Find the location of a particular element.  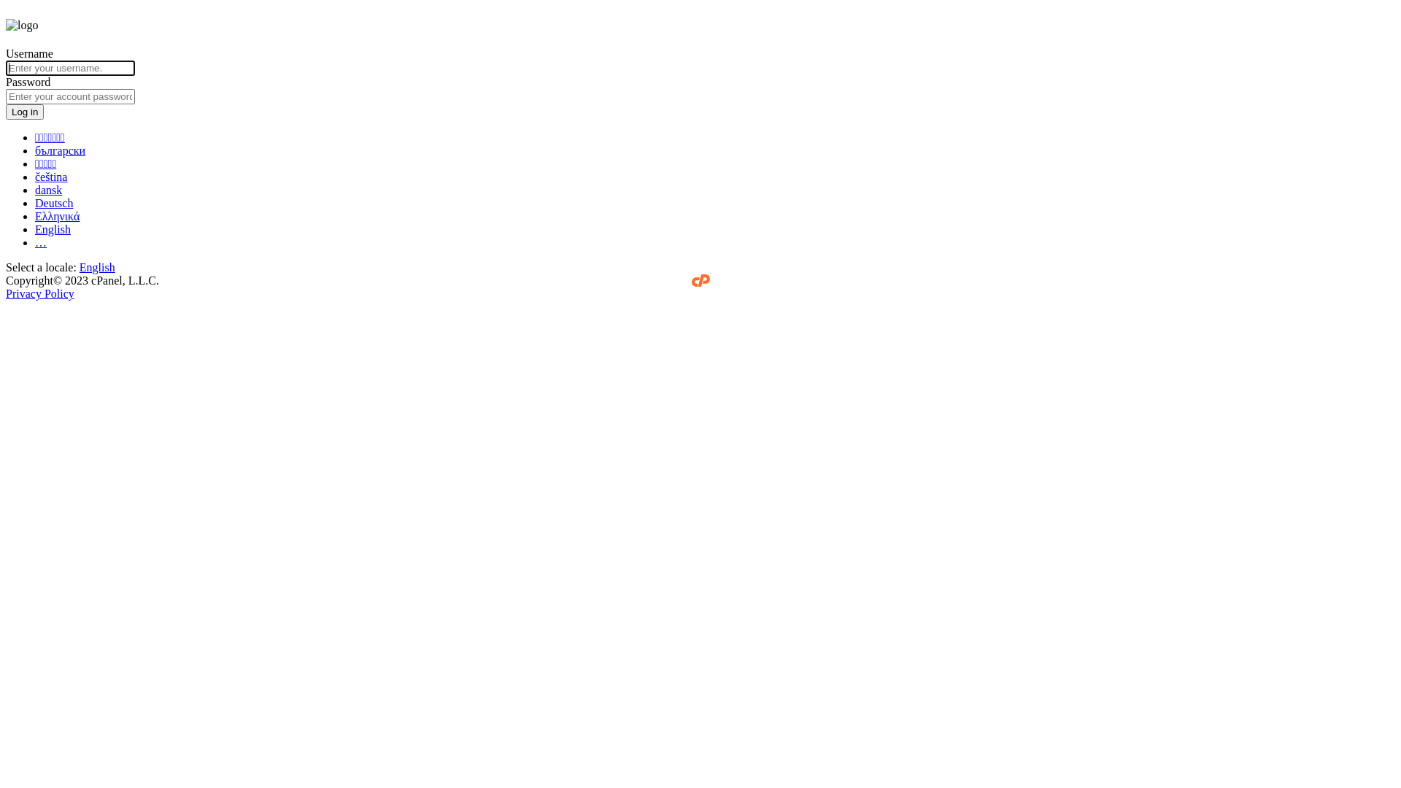

'Log in' is located at coordinates (24, 111).